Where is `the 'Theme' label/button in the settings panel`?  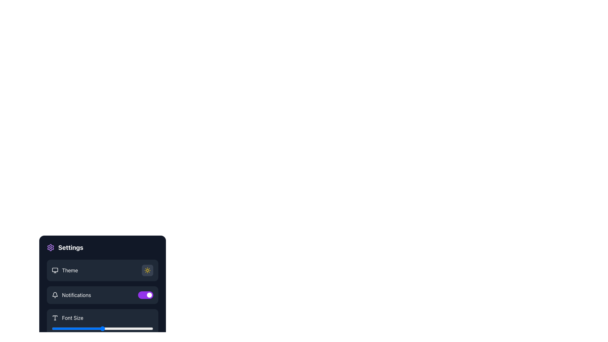
the 'Theme' label/button in the settings panel is located at coordinates (65, 270).